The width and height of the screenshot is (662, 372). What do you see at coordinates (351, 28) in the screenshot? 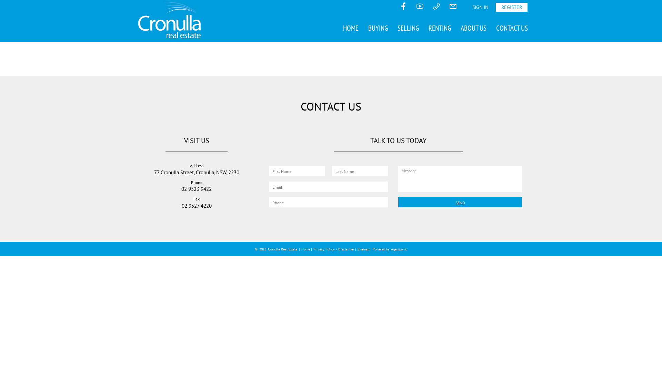
I see `'HOME'` at bounding box center [351, 28].